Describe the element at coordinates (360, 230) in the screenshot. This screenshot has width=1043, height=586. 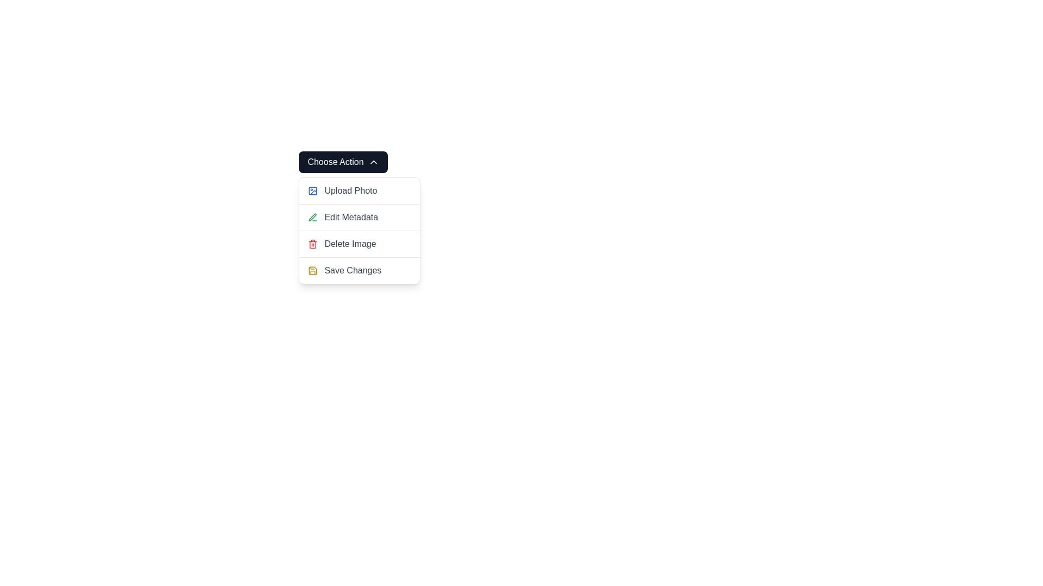
I see `the second option in the dropdown menu, which allows the user to edit metadata, located below 'Upload Photo' and above 'Delete Image'` at that location.